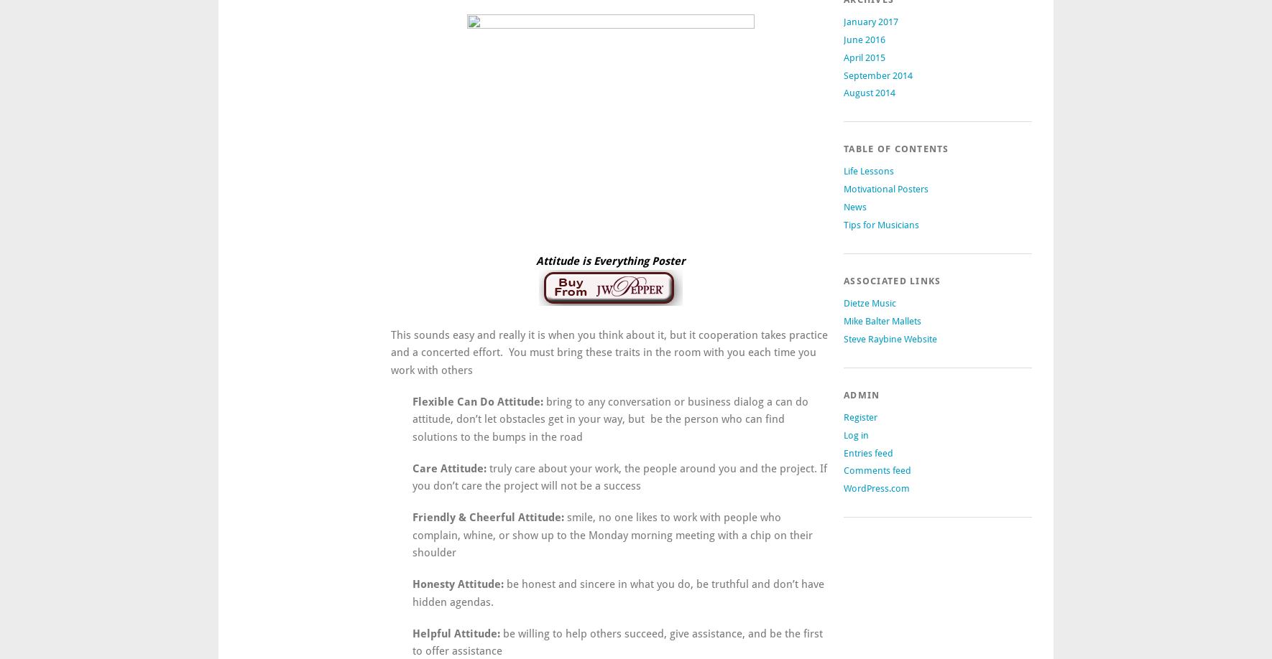 Image resolution: width=1272 pixels, height=659 pixels. What do you see at coordinates (855, 434) in the screenshot?
I see `'Log in'` at bounding box center [855, 434].